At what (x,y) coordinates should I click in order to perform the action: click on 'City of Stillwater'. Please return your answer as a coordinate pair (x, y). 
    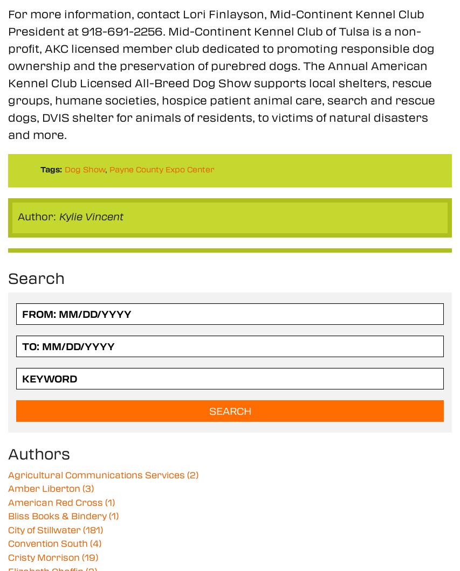
    Looking at the image, I should click on (45, 528).